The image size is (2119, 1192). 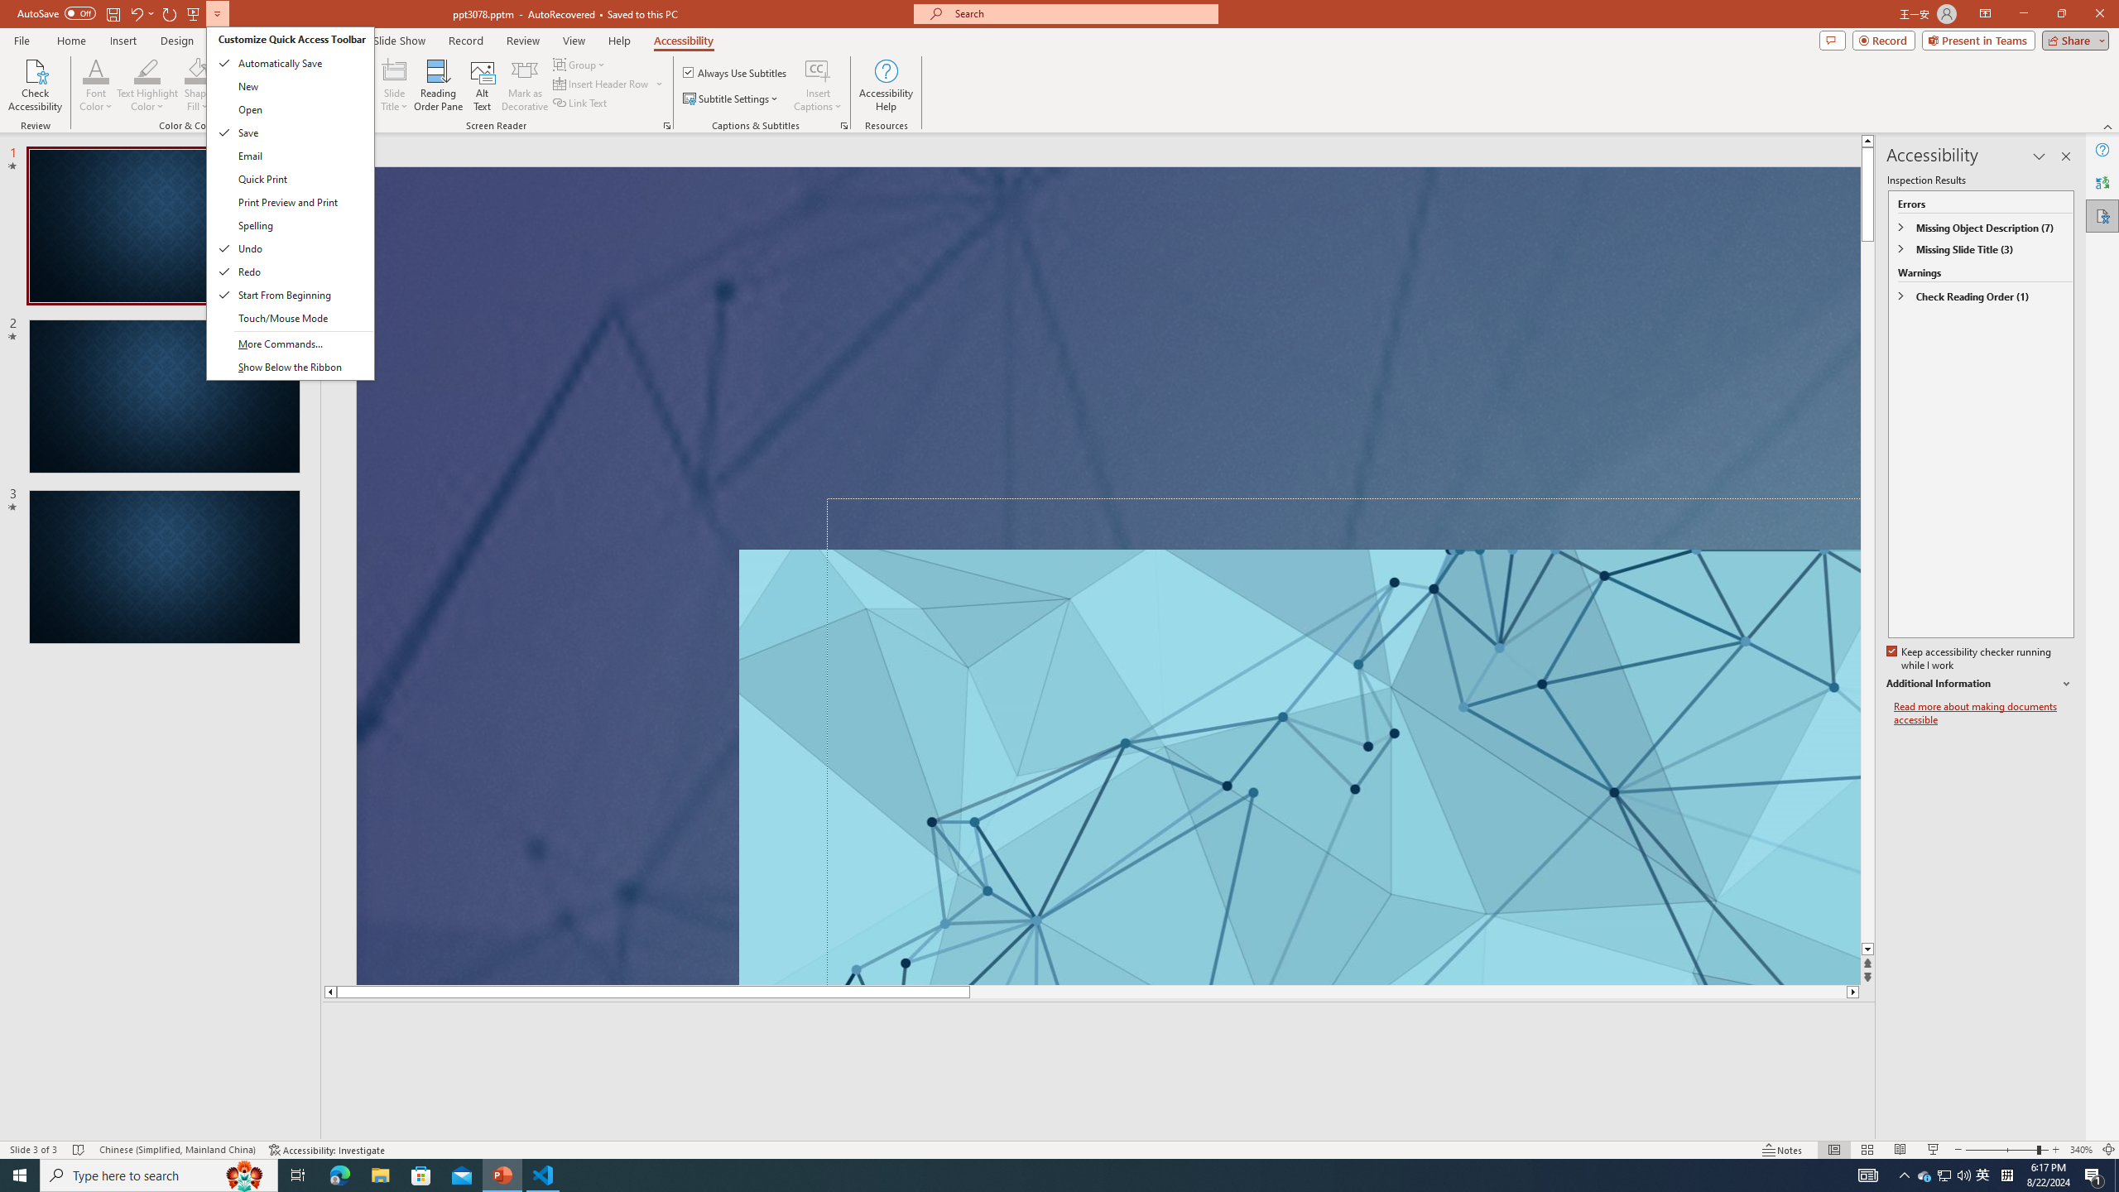 What do you see at coordinates (817, 70) in the screenshot?
I see `'Insert Captions'` at bounding box center [817, 70].